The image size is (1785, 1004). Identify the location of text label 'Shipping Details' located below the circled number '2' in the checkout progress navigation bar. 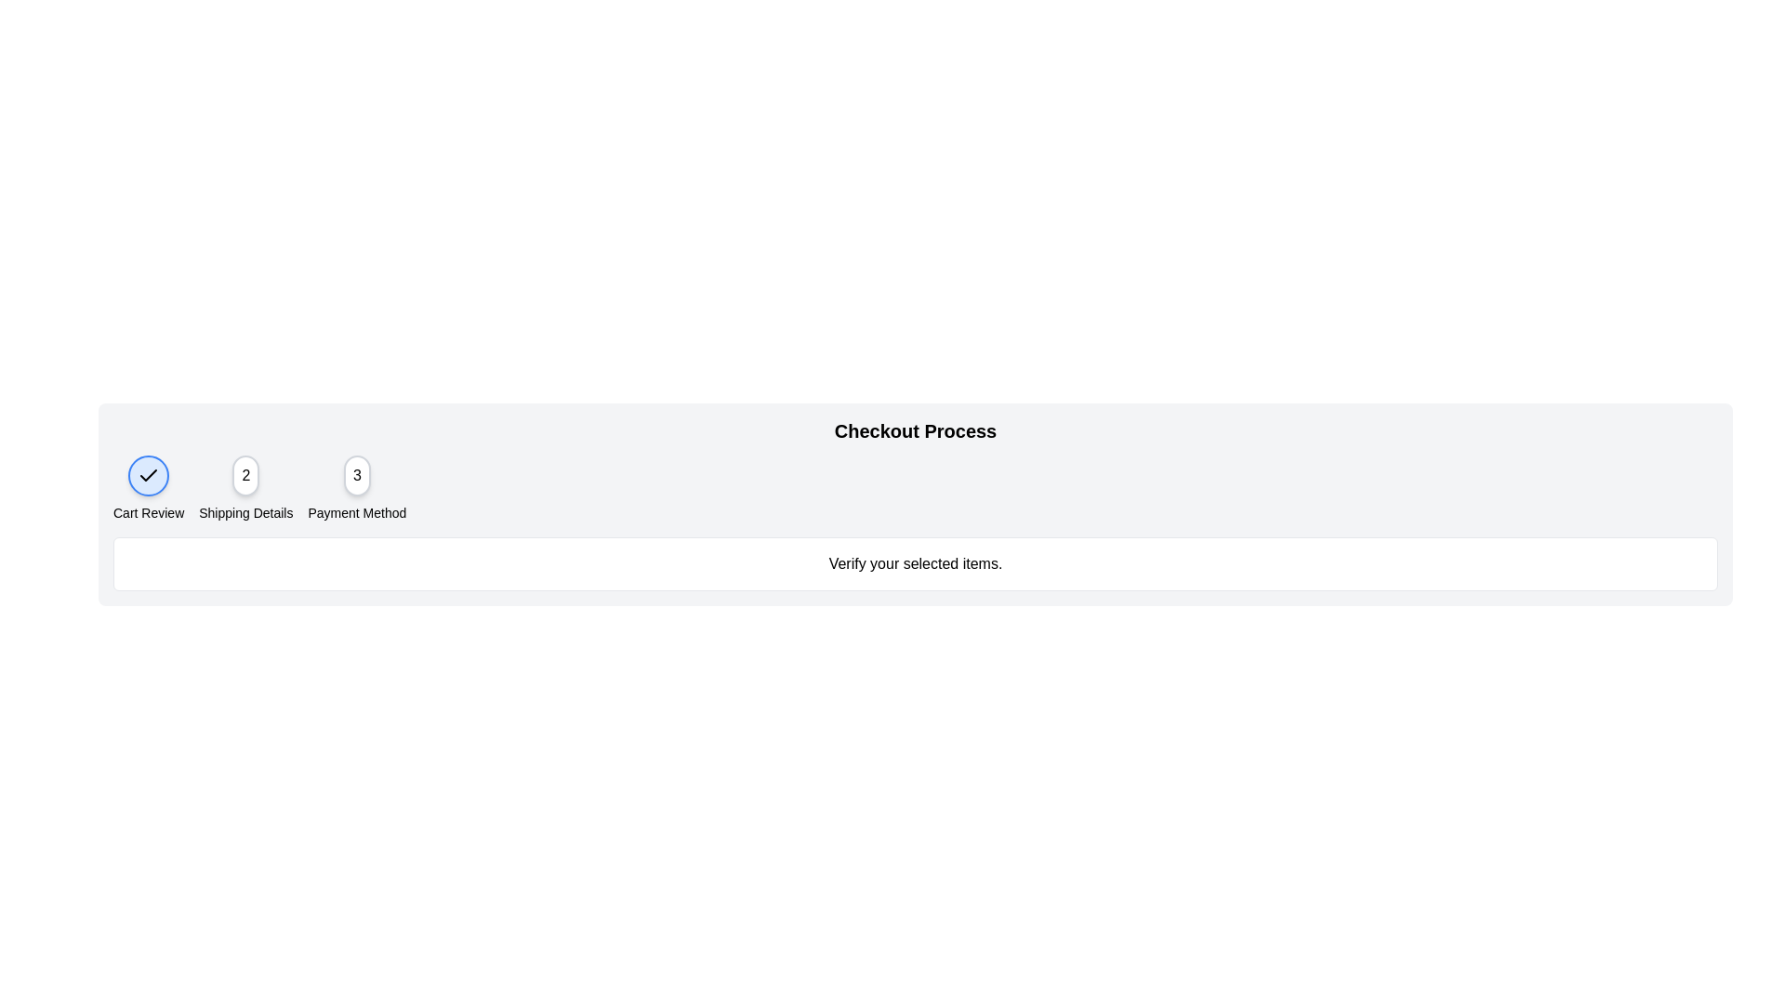
(245, 512).